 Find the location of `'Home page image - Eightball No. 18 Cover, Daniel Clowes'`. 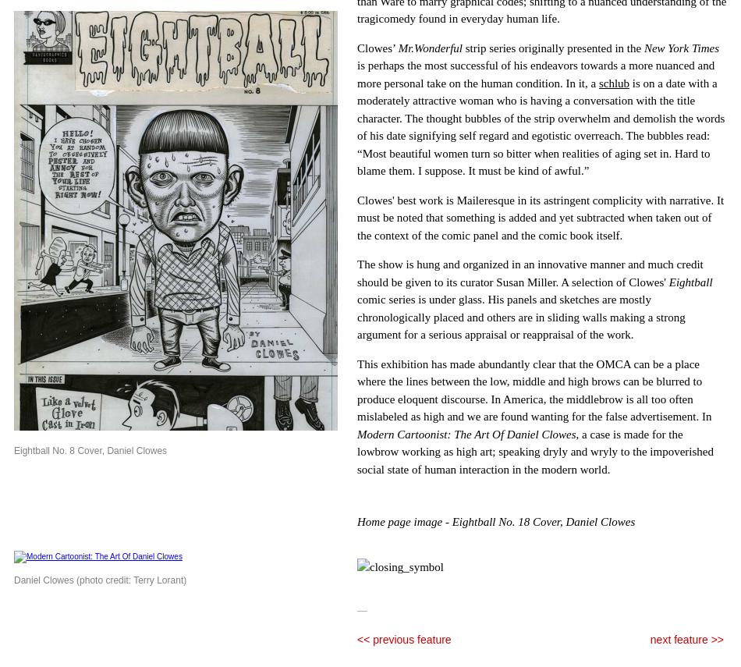

'Home page image - Eightball No. 18 Cover, Daniel Clowes' is located at coordinates (496, 522).